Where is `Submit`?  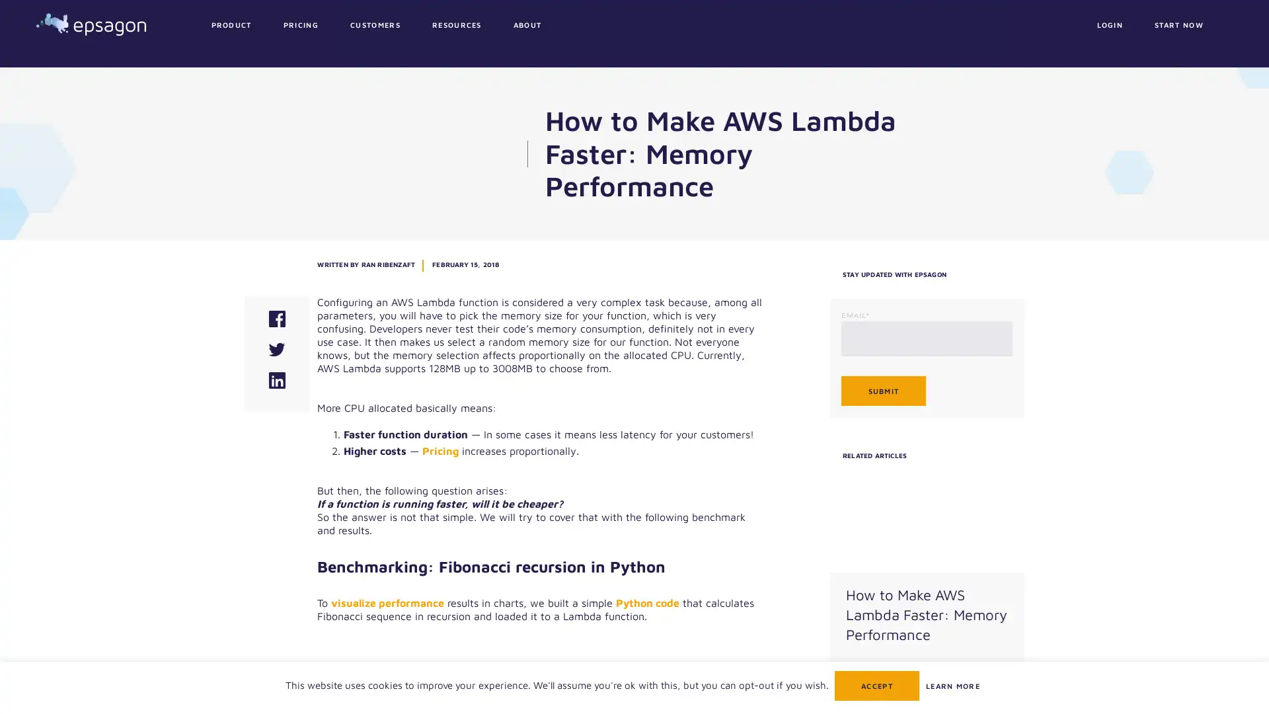 Submit is located at coordinates (882, 389).